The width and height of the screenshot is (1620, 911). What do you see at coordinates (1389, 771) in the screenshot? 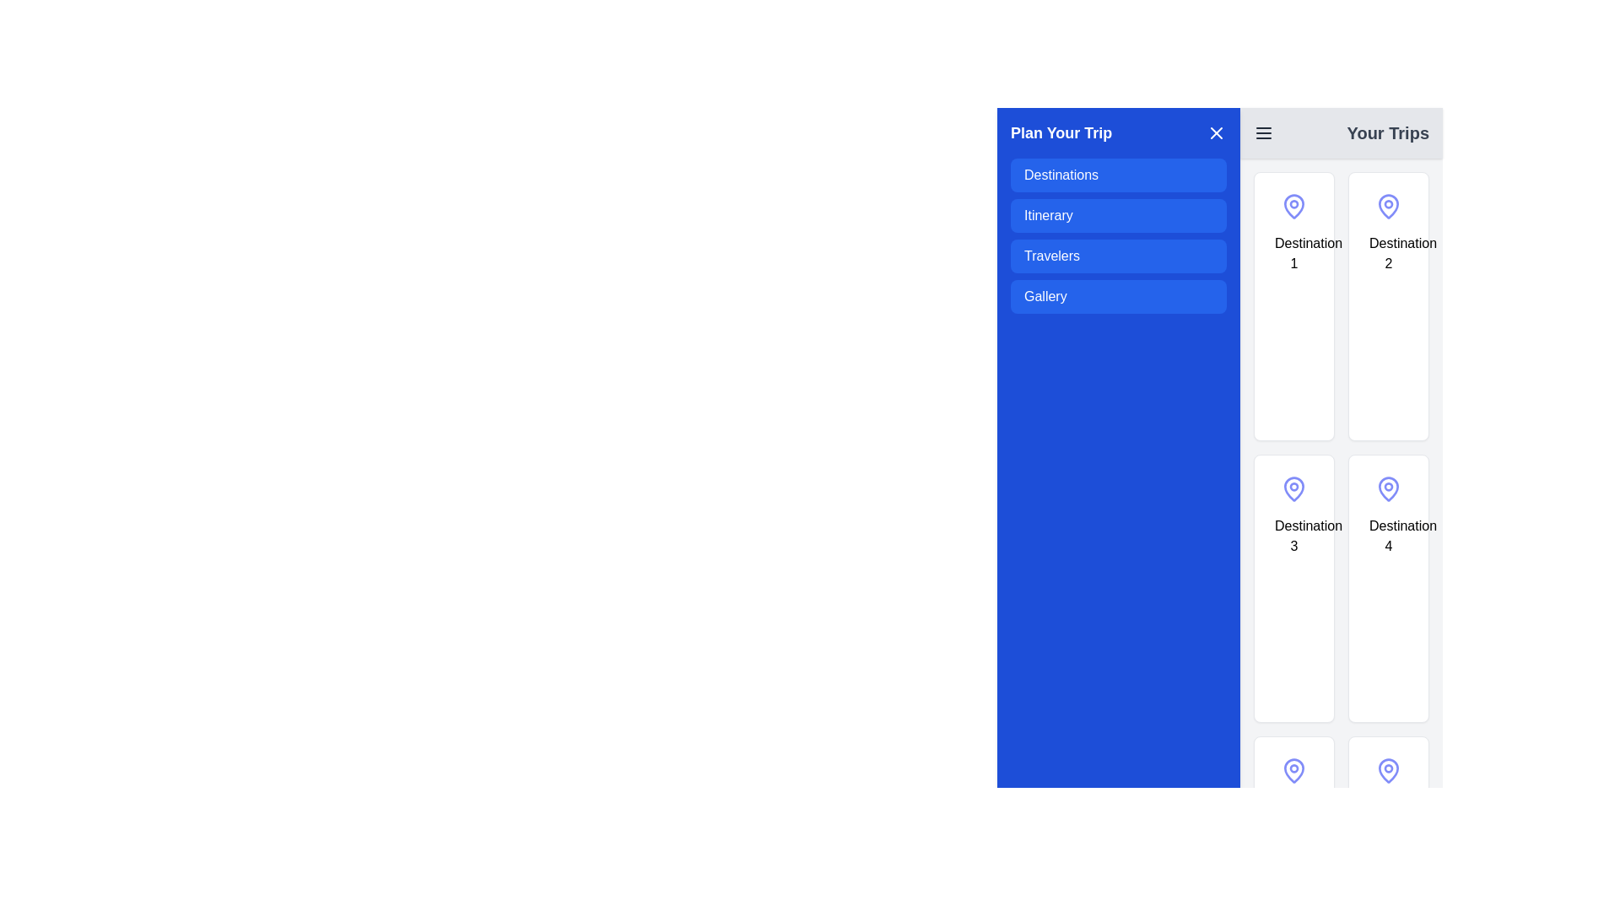
I see `the blue map pin icon above the text 'Destination 6'` at bounding box center [1389, 771].